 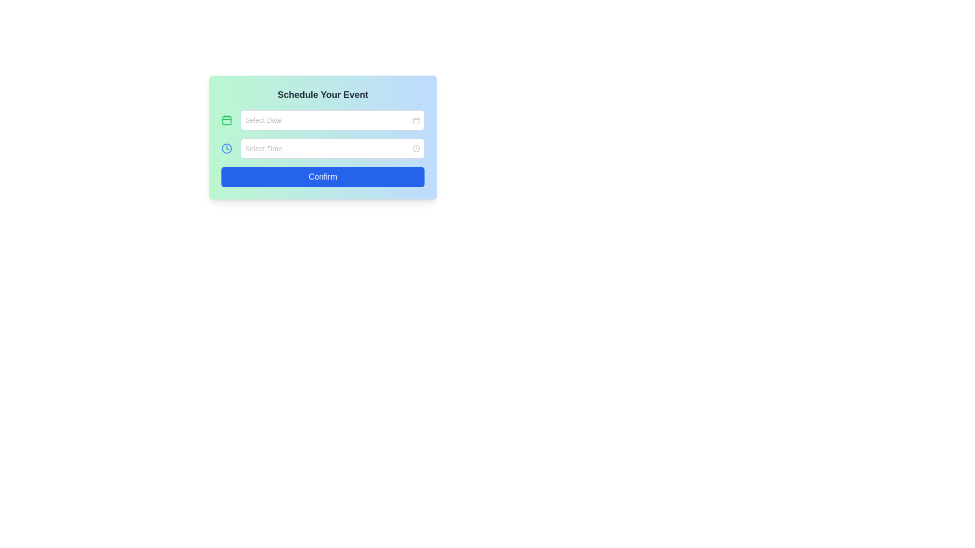 What do you see at coordinates (322, 176) in the screenshot?
I see `the confirmation button located at the bottom of the 'Schedule Your Event' panel` at bounding box center [322, 176].